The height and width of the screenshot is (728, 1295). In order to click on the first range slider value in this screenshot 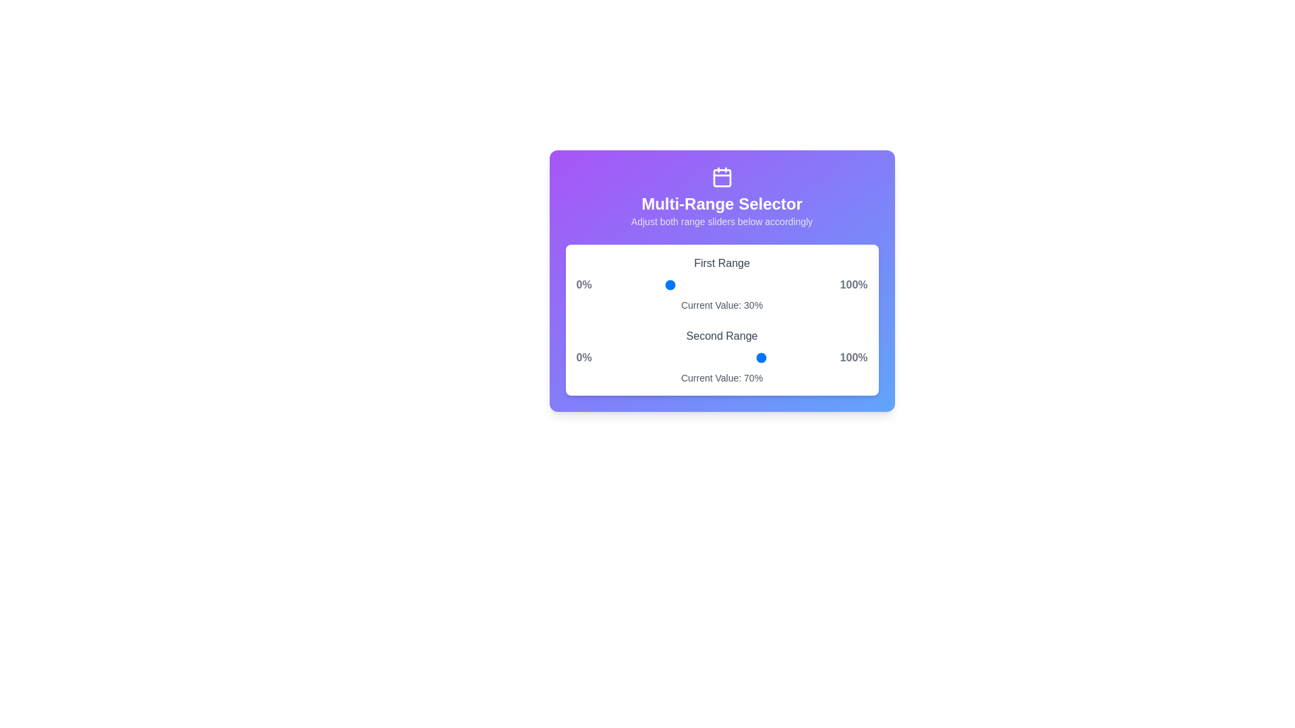, I will do `click(683, 284)`.